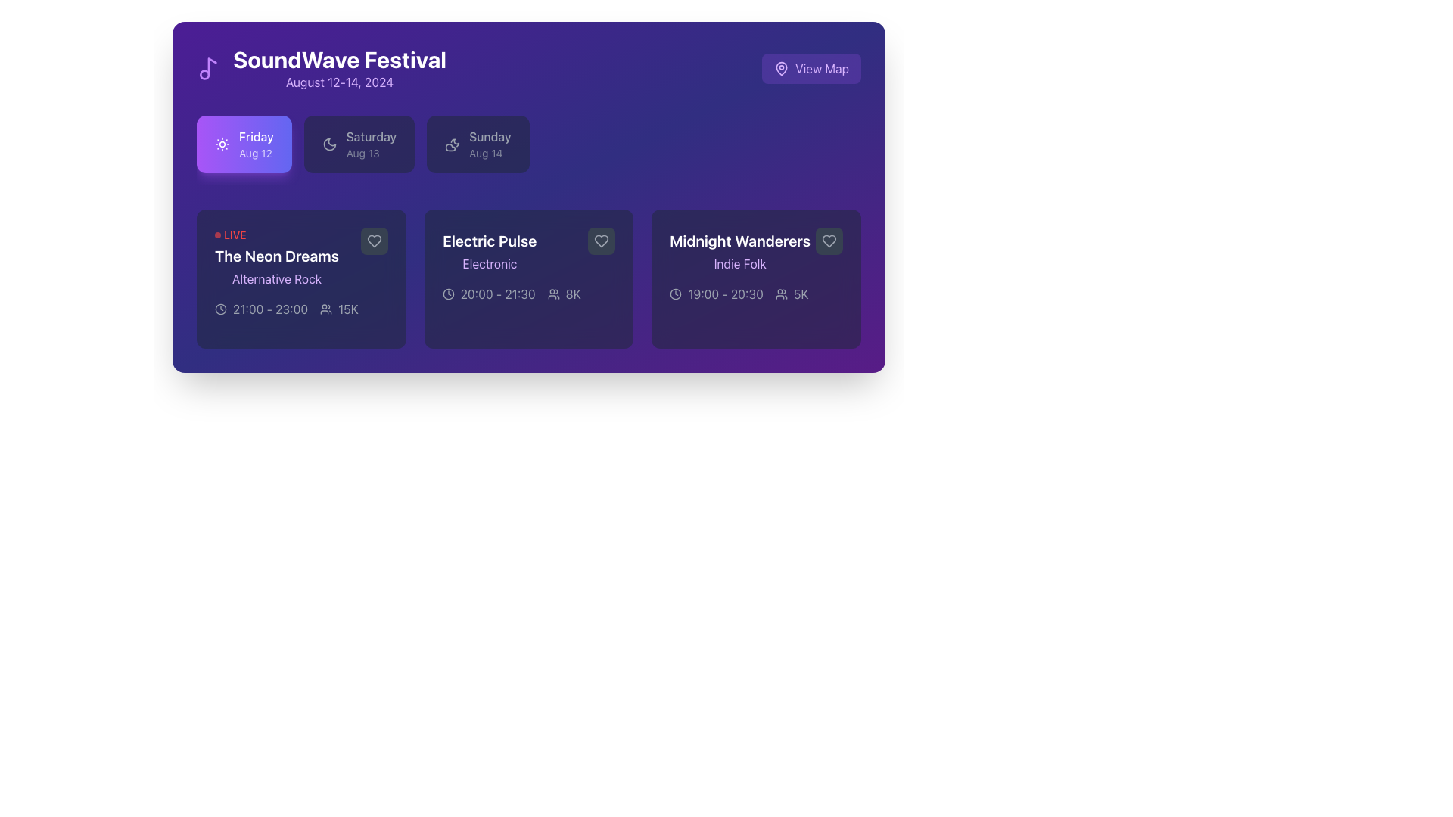 The image size is (1453, 817). What do you see at coordinates (301, 308) in the screenshot?
I see `the icons in the informational display under 'The Neon Dreams' card for the event on 'Friday, August 12', which shows the time duration and expected number of attendees` at bounding box center [301, 308].